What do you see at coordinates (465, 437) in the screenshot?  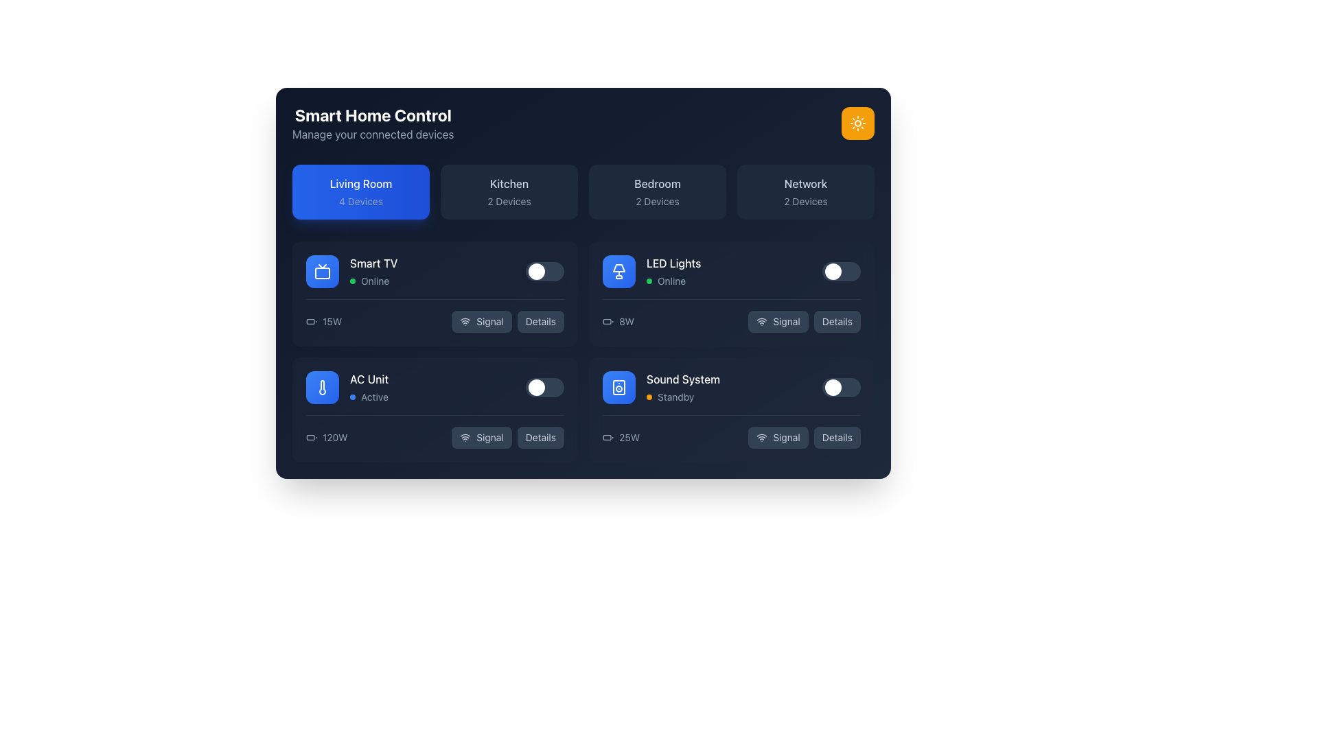 I see `the Wi-Fi icon located inside the dark button labeled 'Signal', which is the leftmost content in the button and positioned below the 'AC Unit' section` at bounding box center [465, 437].